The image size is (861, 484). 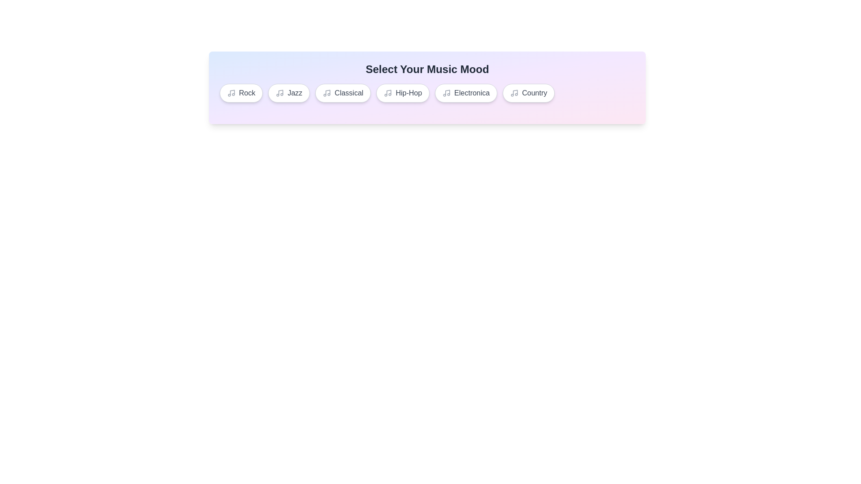 I want to click on the music tag Country from the list, so click(x=529, y=93).